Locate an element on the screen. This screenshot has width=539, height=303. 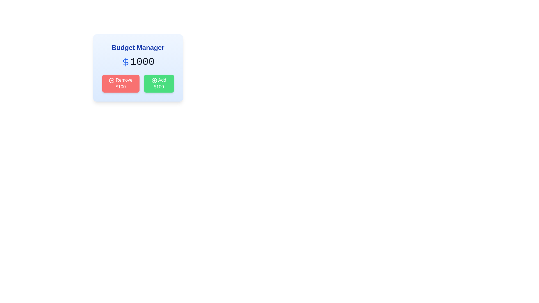
the currency icon located to the left of the numeric label '1000' is located at coordinates (125, 62).